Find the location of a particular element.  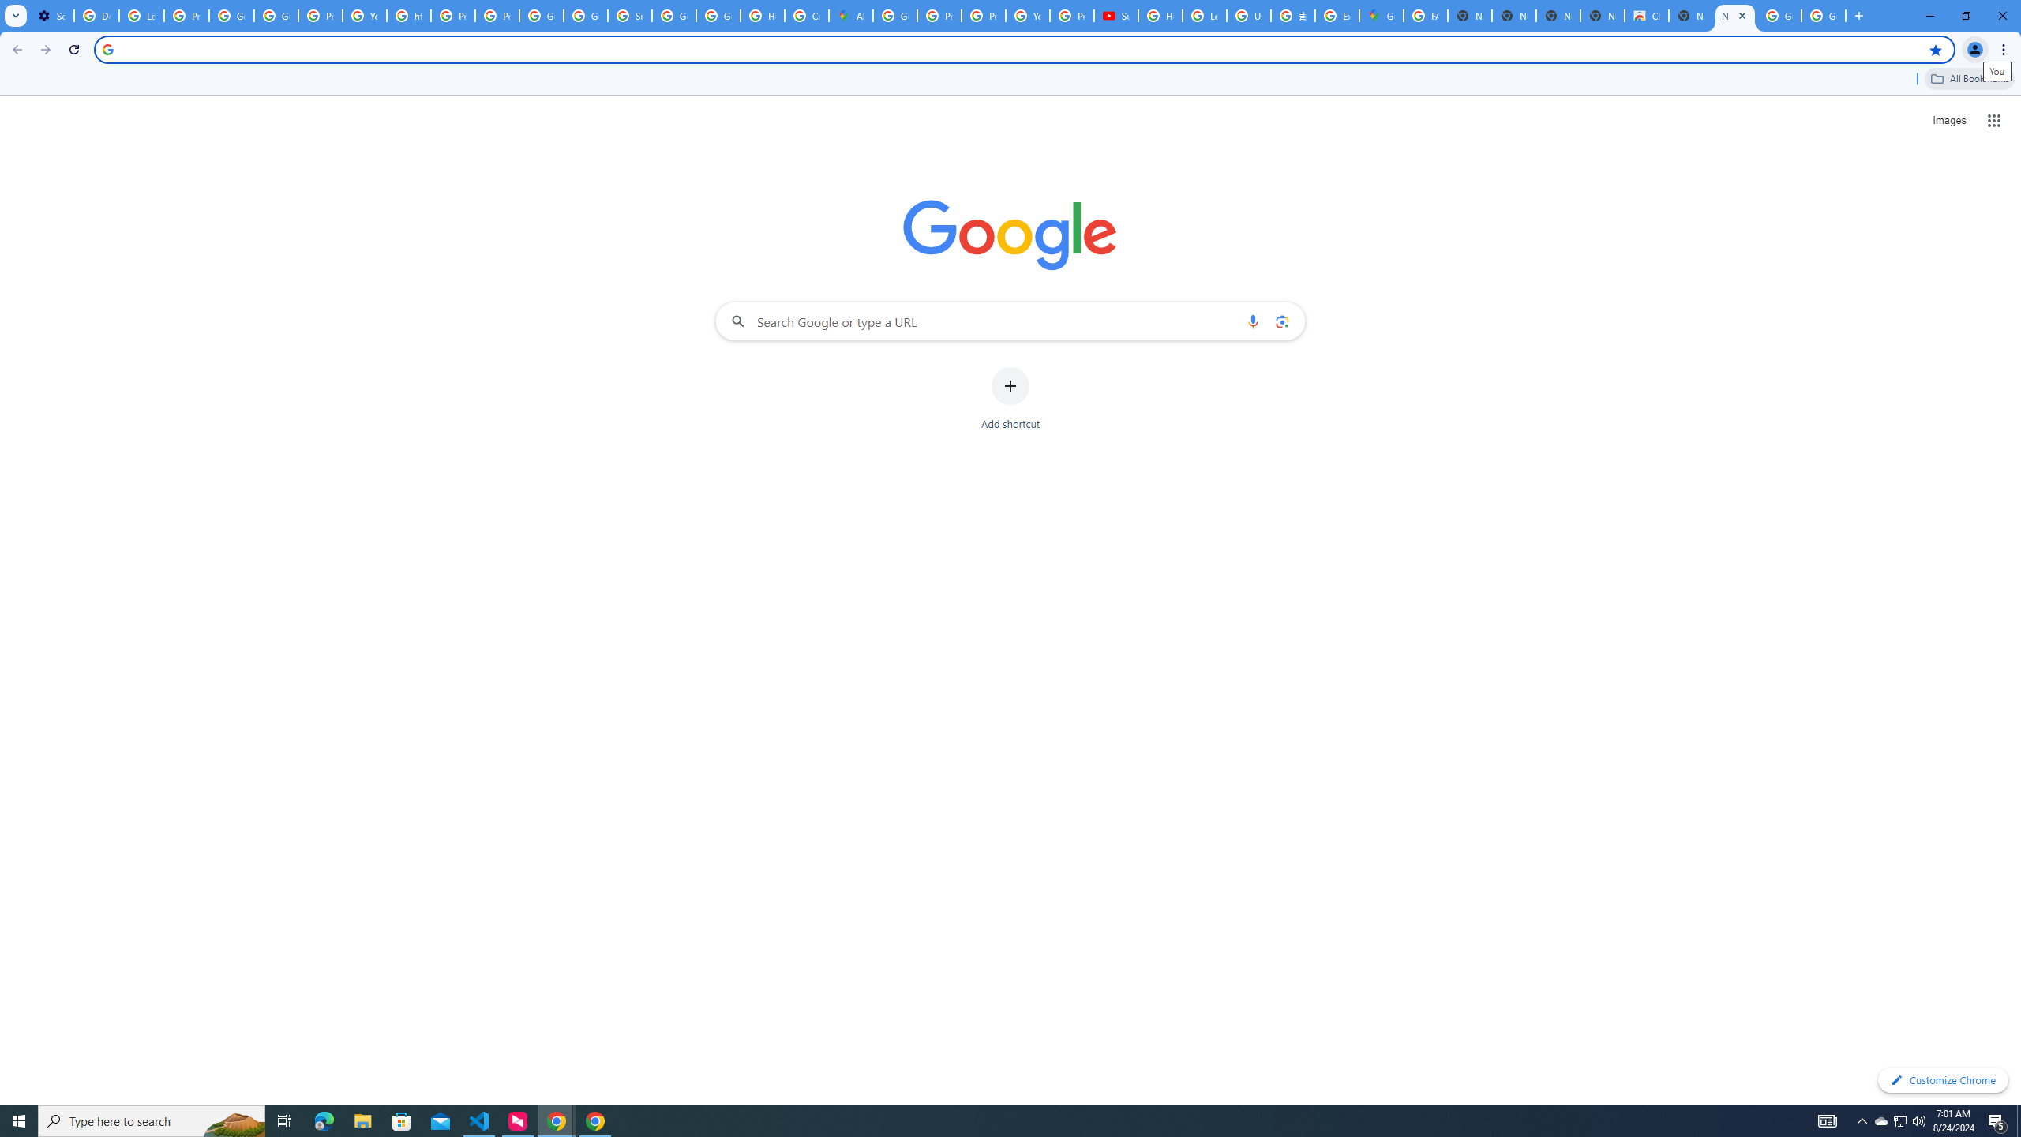

'Google Account Help' is located at coordinates (231, 15).